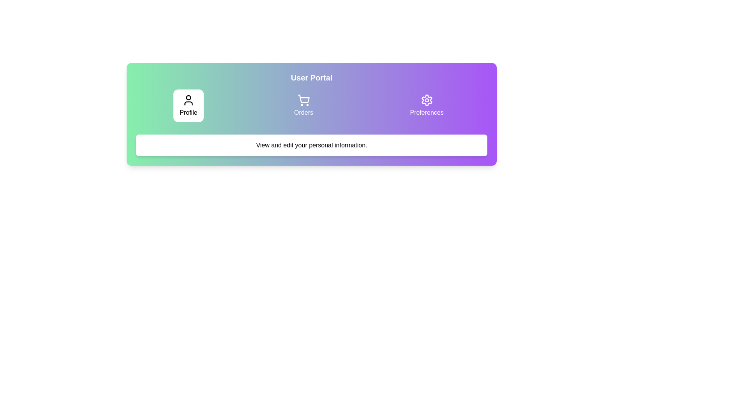  I want to click on the Orders tab to preview its hover state, so click(303, 106).